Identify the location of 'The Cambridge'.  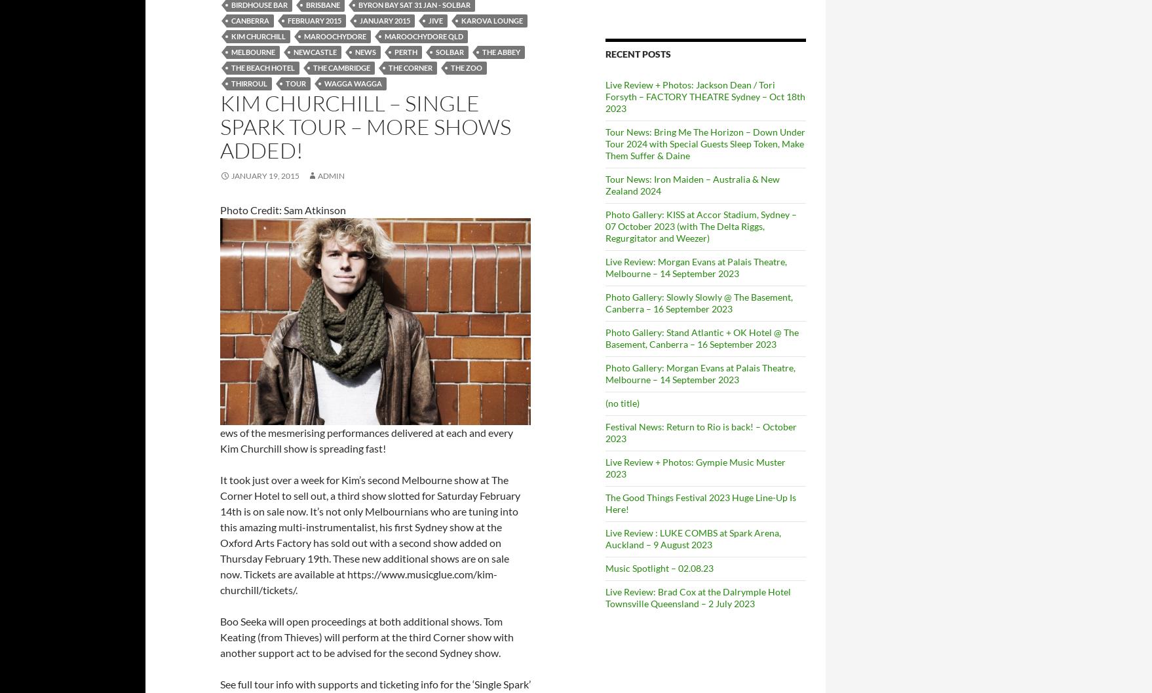
(341, 67).